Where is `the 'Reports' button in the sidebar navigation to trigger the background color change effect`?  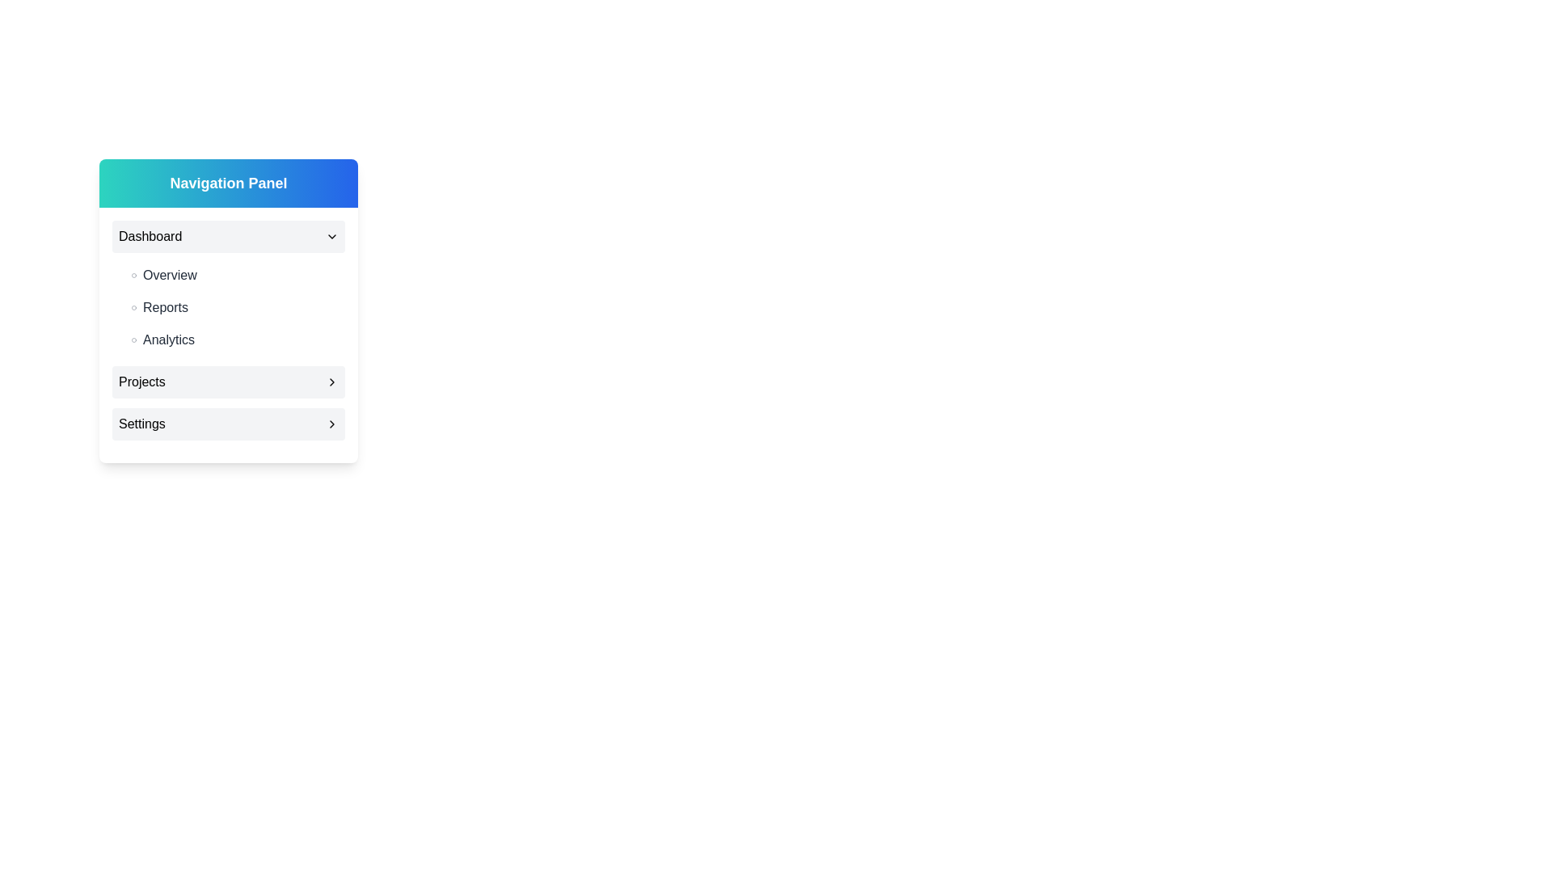 the 'Reports' button in the sidebar navigation to trigger the background color change effect is located at coordinates (234, 308).